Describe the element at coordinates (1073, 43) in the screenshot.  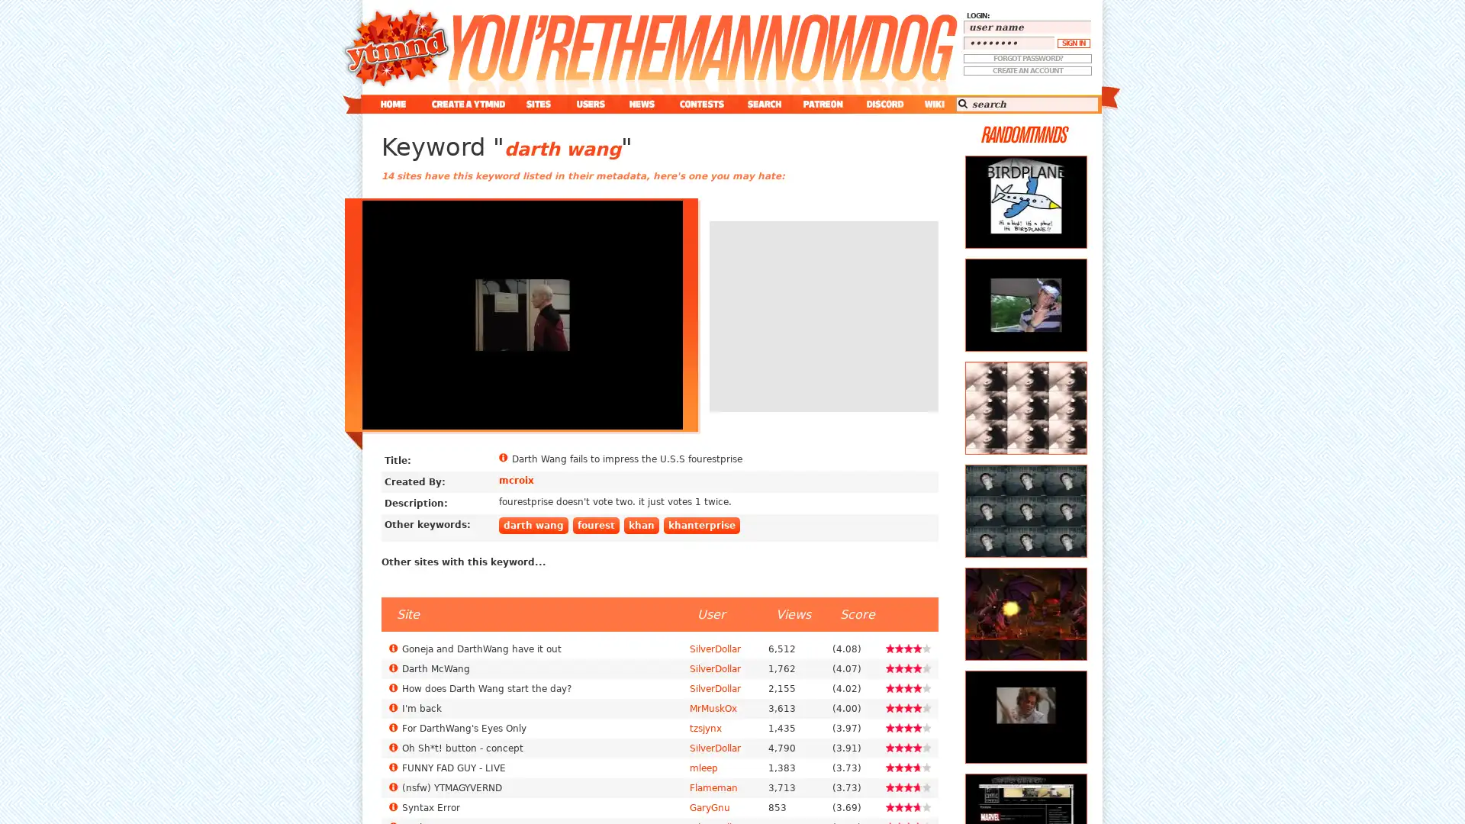
I see `sign in` at that location.